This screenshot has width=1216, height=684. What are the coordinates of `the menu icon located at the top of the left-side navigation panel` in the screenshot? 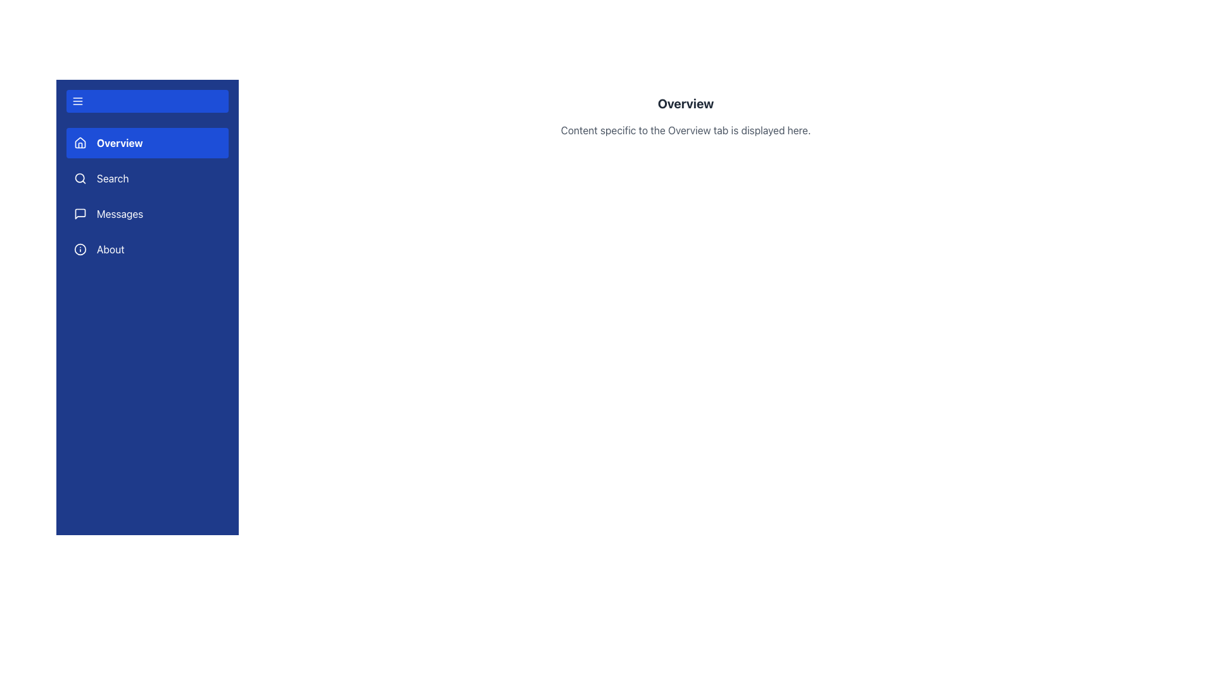 It's located at (77, 100).